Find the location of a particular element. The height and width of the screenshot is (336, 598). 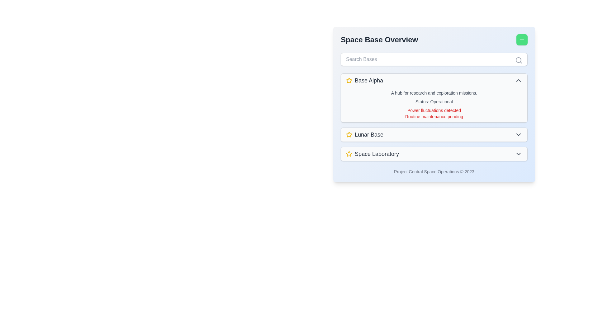

the 'Space Base Overview' text label, which is a bold and large header displayed in dark gray at the top of the interface is located at coordinates (379, 40).